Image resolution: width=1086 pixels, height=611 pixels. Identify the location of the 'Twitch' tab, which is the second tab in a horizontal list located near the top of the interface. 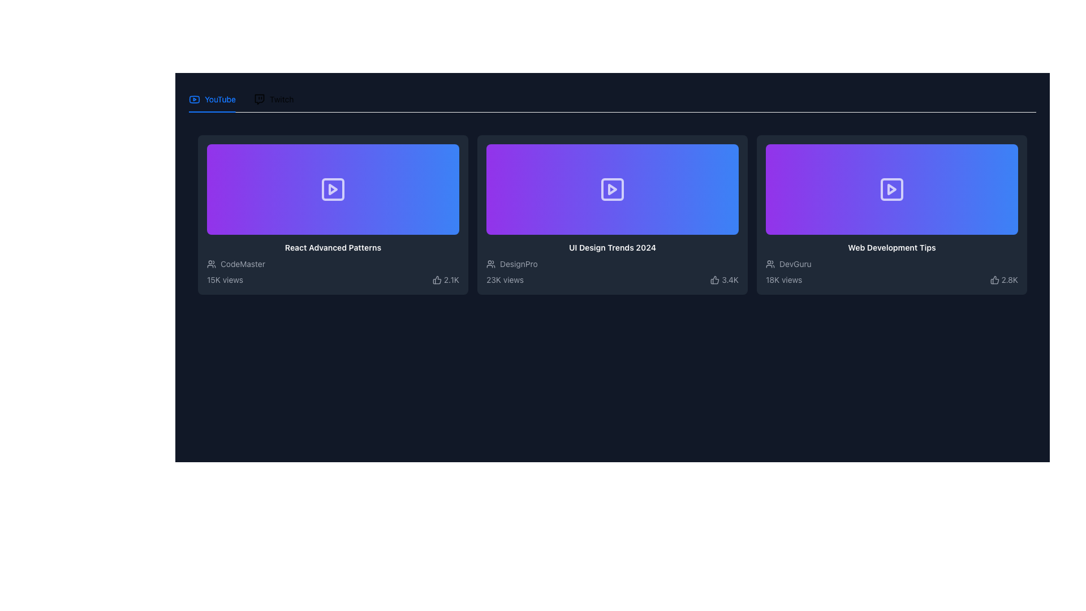
(274, 99).